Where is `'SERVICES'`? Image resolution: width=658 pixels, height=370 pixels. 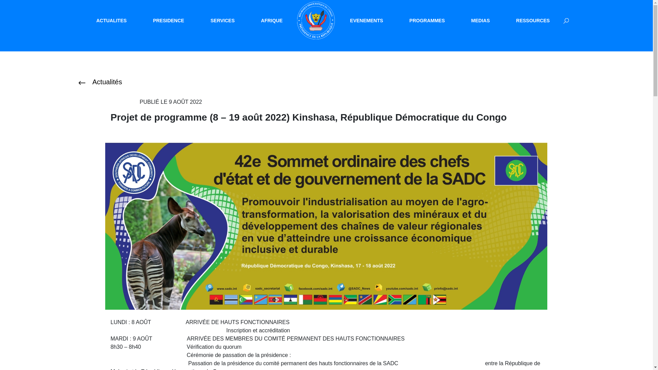 'SERVICES' is located at coordinates (222, 20).